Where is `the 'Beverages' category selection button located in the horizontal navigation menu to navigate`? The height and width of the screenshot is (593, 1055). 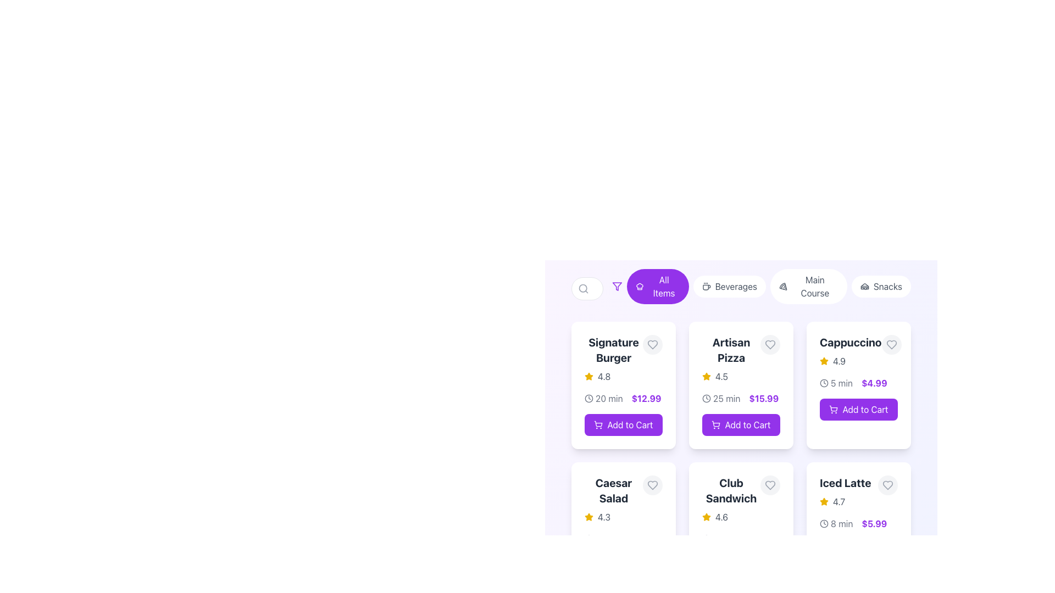 the 'Beverages' category selection button located in the horizontal navigation menu to navigate is located at coordinates (729, 286).